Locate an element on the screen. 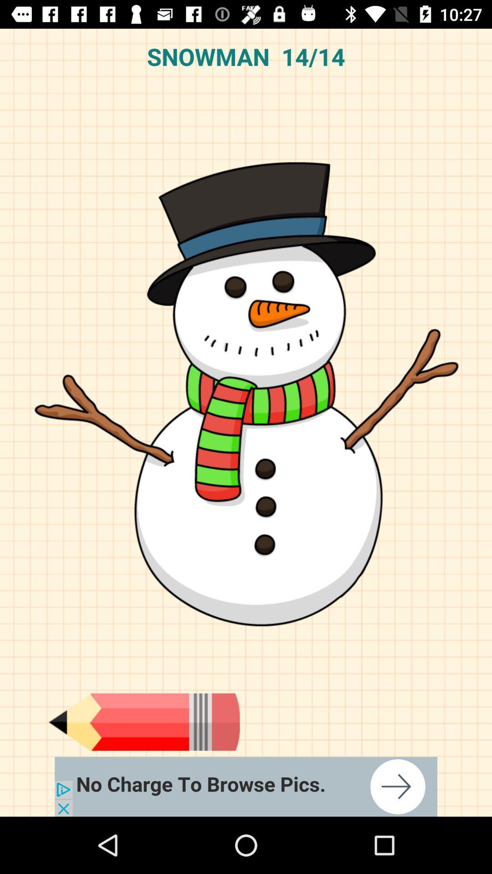 The width and height of the screenshot is (492, 874). go next is located at coordinates (246, 786).